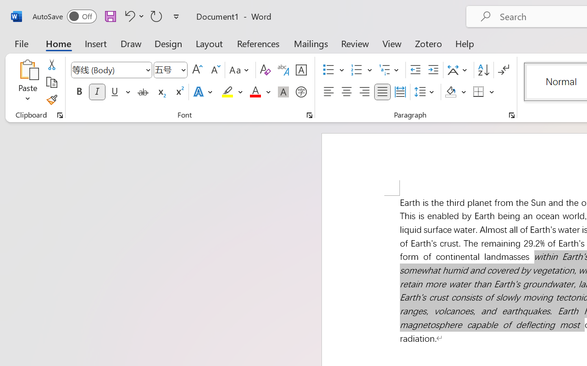  Describe the element at coordinates (382, 92) in the screenshot. I see `'Justify'` at that location.